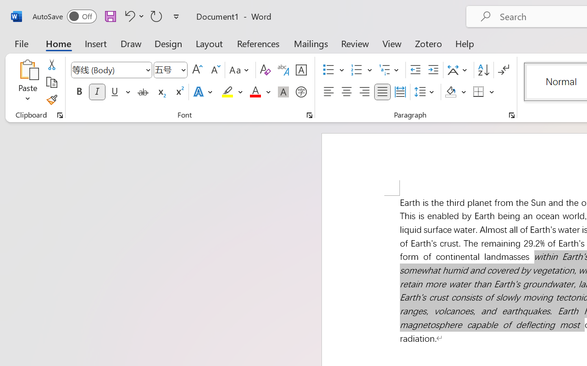  Describe the element at coordinates (382, 92) in the screenshot. I see `'Justify'` at that location.